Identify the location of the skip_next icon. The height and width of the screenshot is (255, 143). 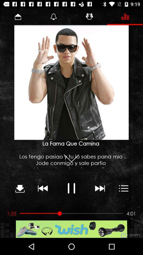
(100, 188).